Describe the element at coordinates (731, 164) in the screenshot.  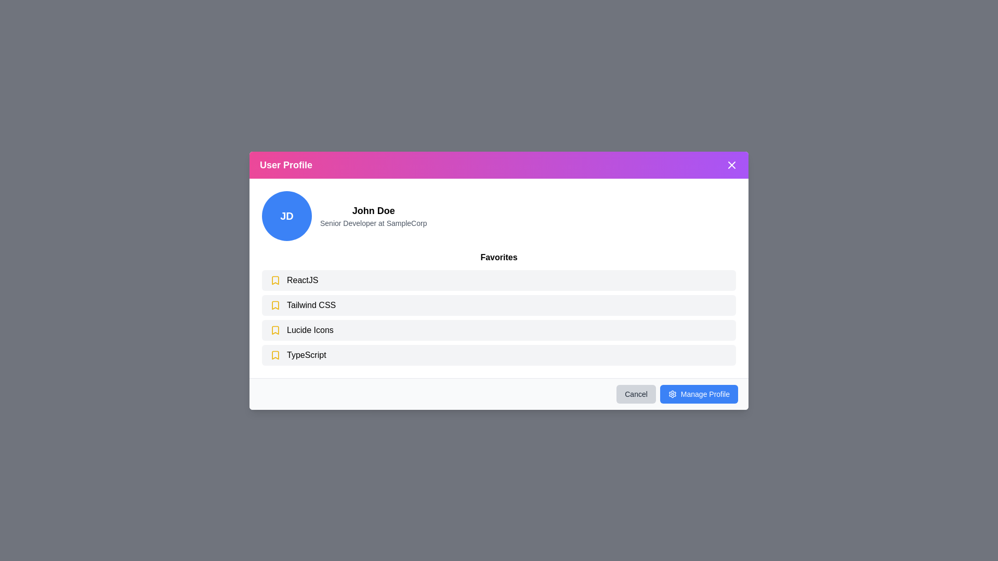
I see `the close button located at the far-right of the 'User Profile' header bar` at that location.